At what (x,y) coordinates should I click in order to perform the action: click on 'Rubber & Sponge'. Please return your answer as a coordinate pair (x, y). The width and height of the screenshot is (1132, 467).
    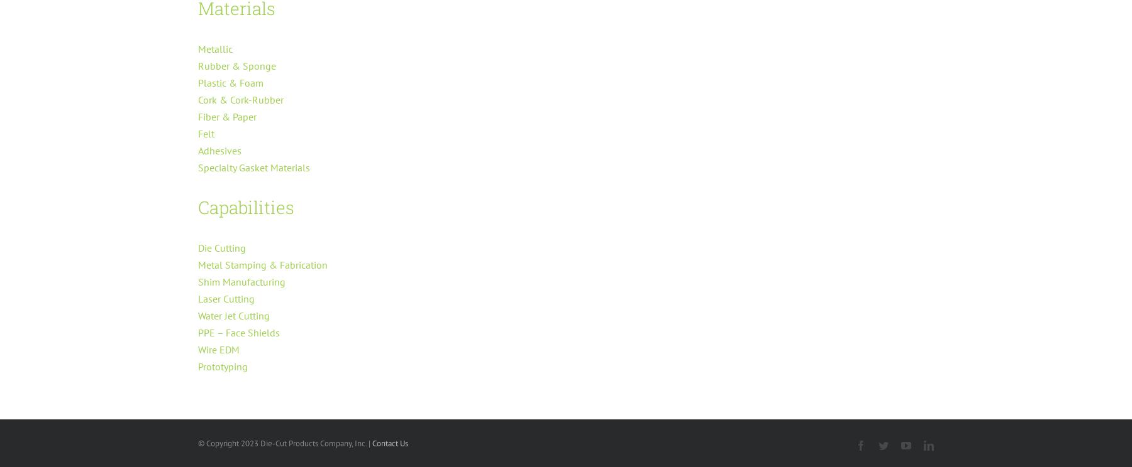
    Looking at the image, I should click on (236, 65).